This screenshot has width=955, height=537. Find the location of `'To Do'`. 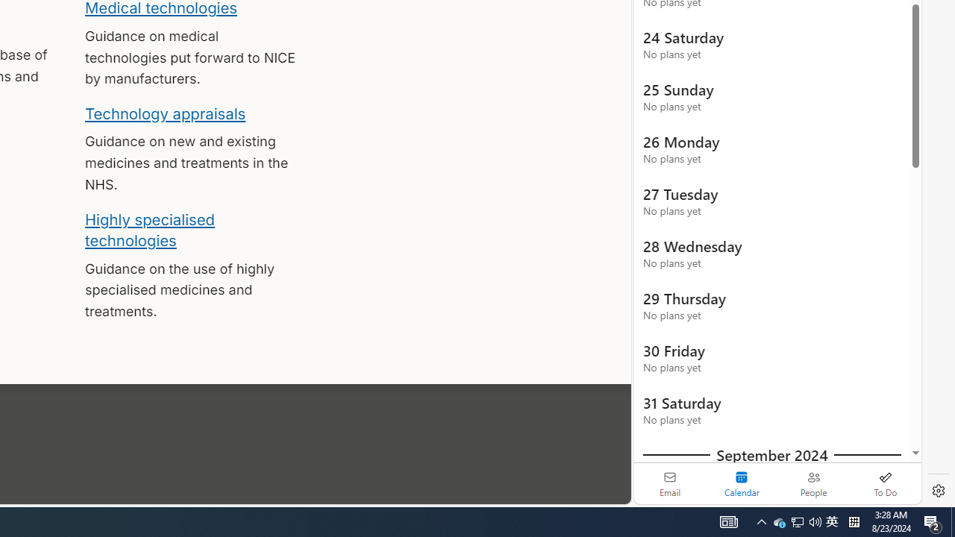

'To Do' is located at coordinates (885, 483).